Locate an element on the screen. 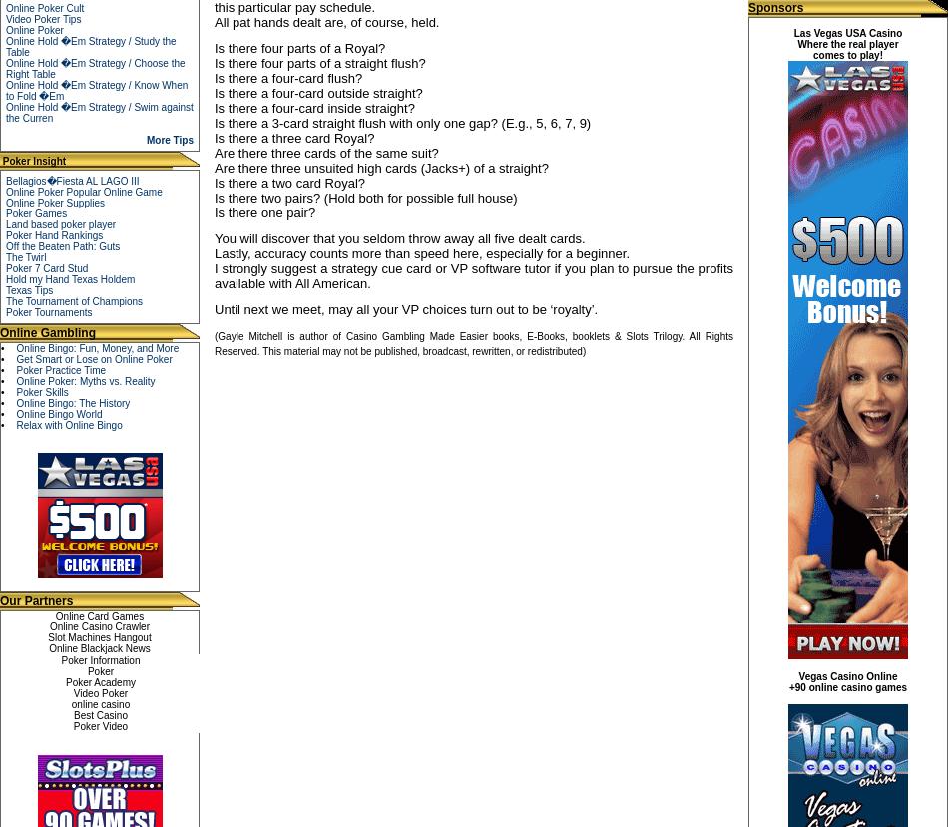 This screenshot has height=827, width=948. 'Is there a four-card outside straight?' is located at coordinates (317, 93).